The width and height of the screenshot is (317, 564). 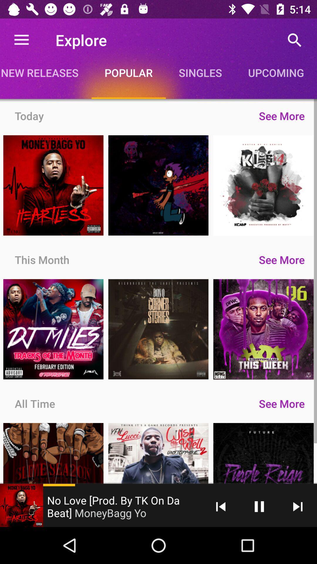 I want to click on the item above see more, so click(x=200, y=72).